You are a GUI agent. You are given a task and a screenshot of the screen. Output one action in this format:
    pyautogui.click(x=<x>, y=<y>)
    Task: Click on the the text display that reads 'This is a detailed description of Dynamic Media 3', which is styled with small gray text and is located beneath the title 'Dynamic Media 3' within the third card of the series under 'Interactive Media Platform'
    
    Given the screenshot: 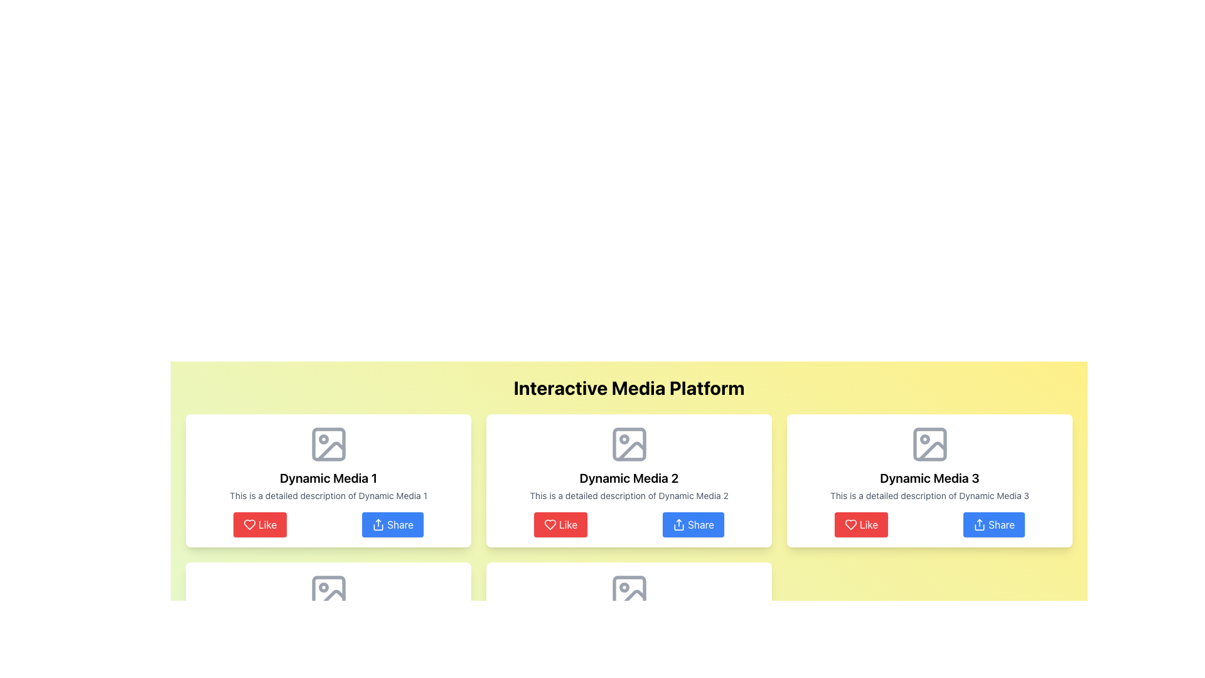 What is the action you would take?
    pyautogui.click(x=929, y=495)
    